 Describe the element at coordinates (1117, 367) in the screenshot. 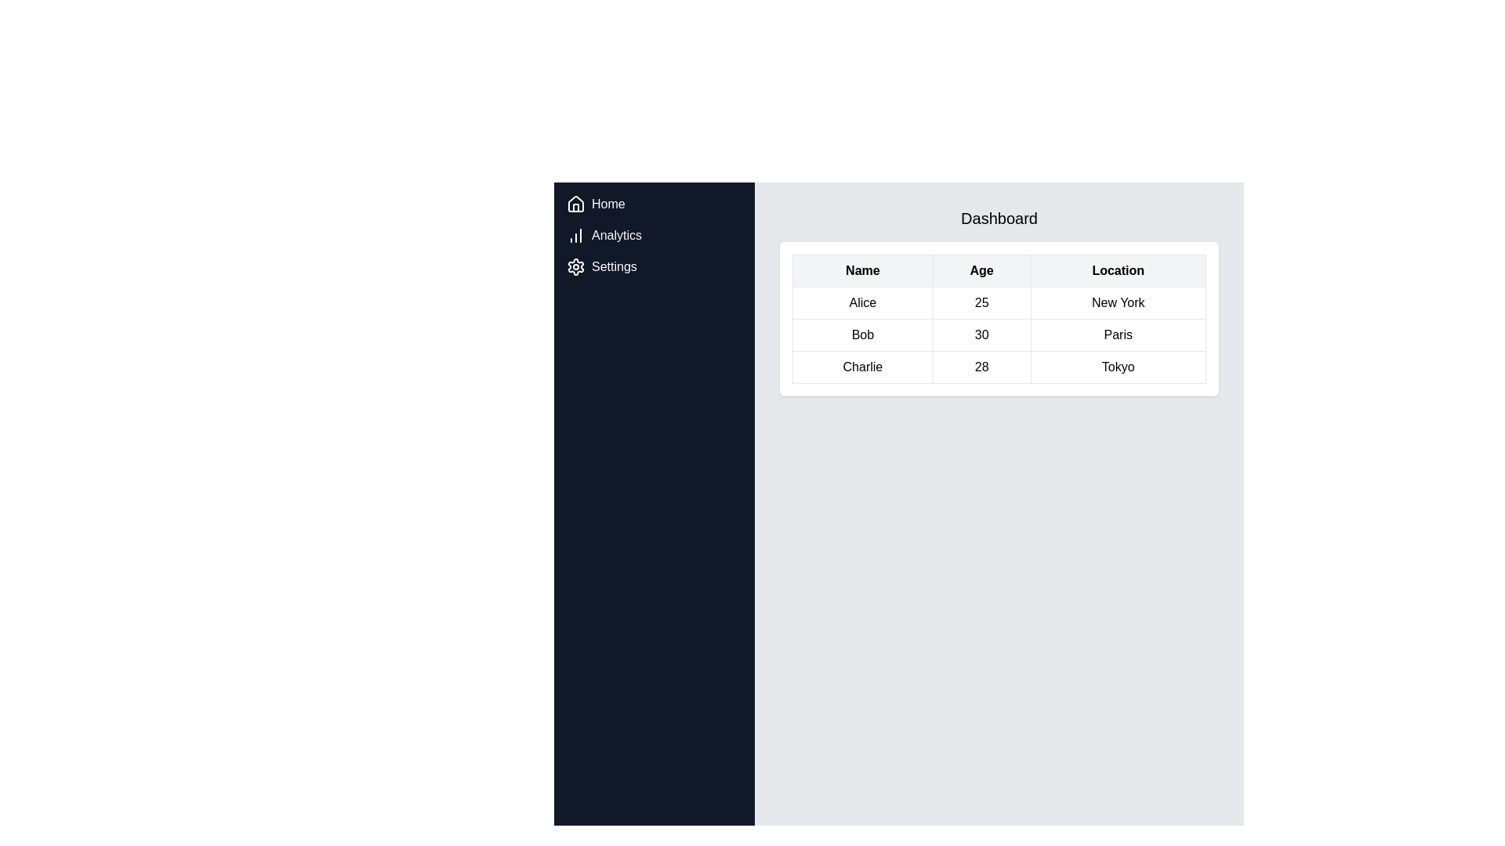

I see `the read-only label displaying 'Tokyo' located in the third row of the table under the 'Location' column` at that location.